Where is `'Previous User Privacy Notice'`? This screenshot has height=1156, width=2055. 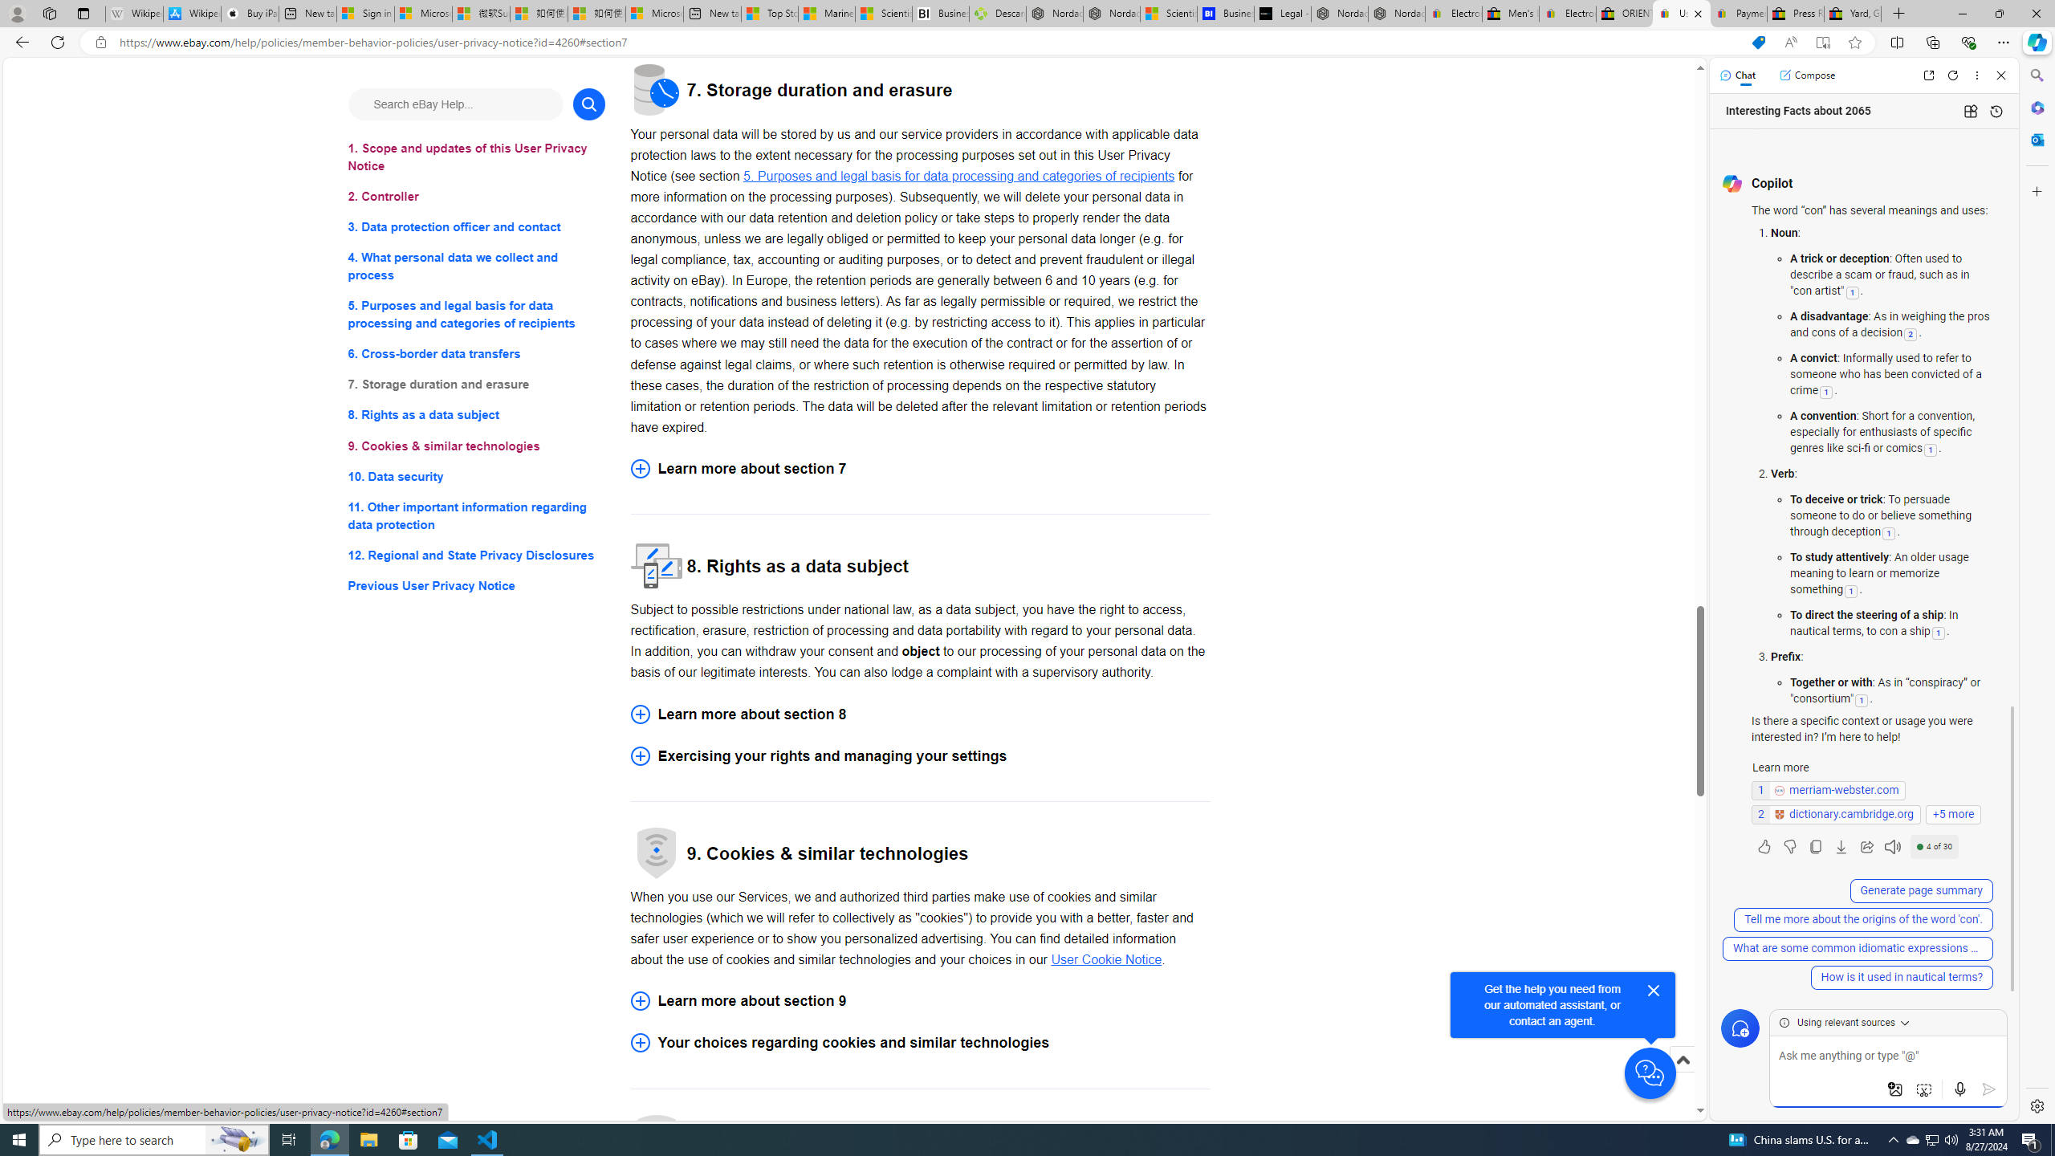
'Previous User Privacy Notice' is located at coordinates (475, 585).